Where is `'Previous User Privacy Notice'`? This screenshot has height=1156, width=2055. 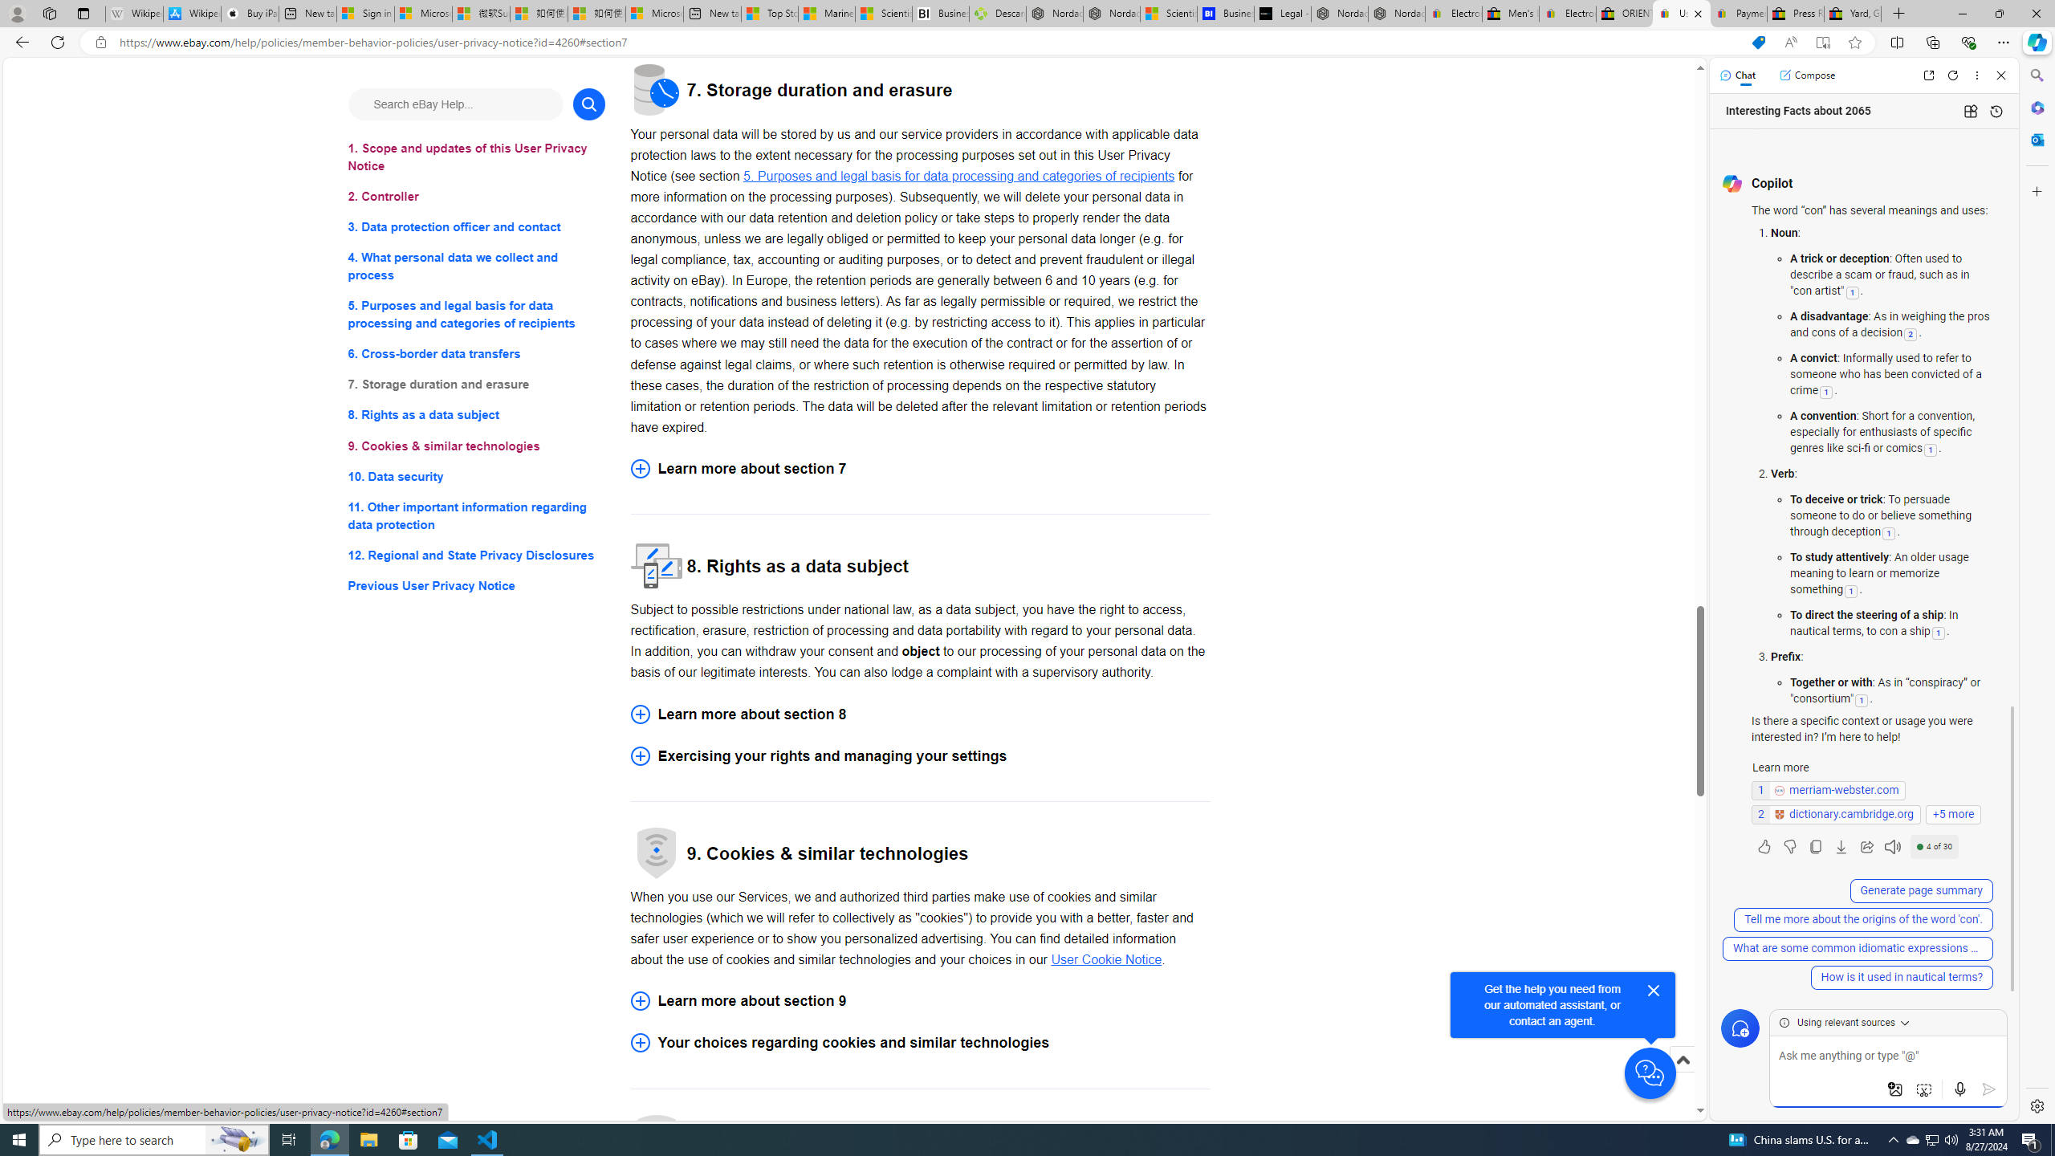
'Previous User Privacy Notice' is located at coordinates (475, 585).